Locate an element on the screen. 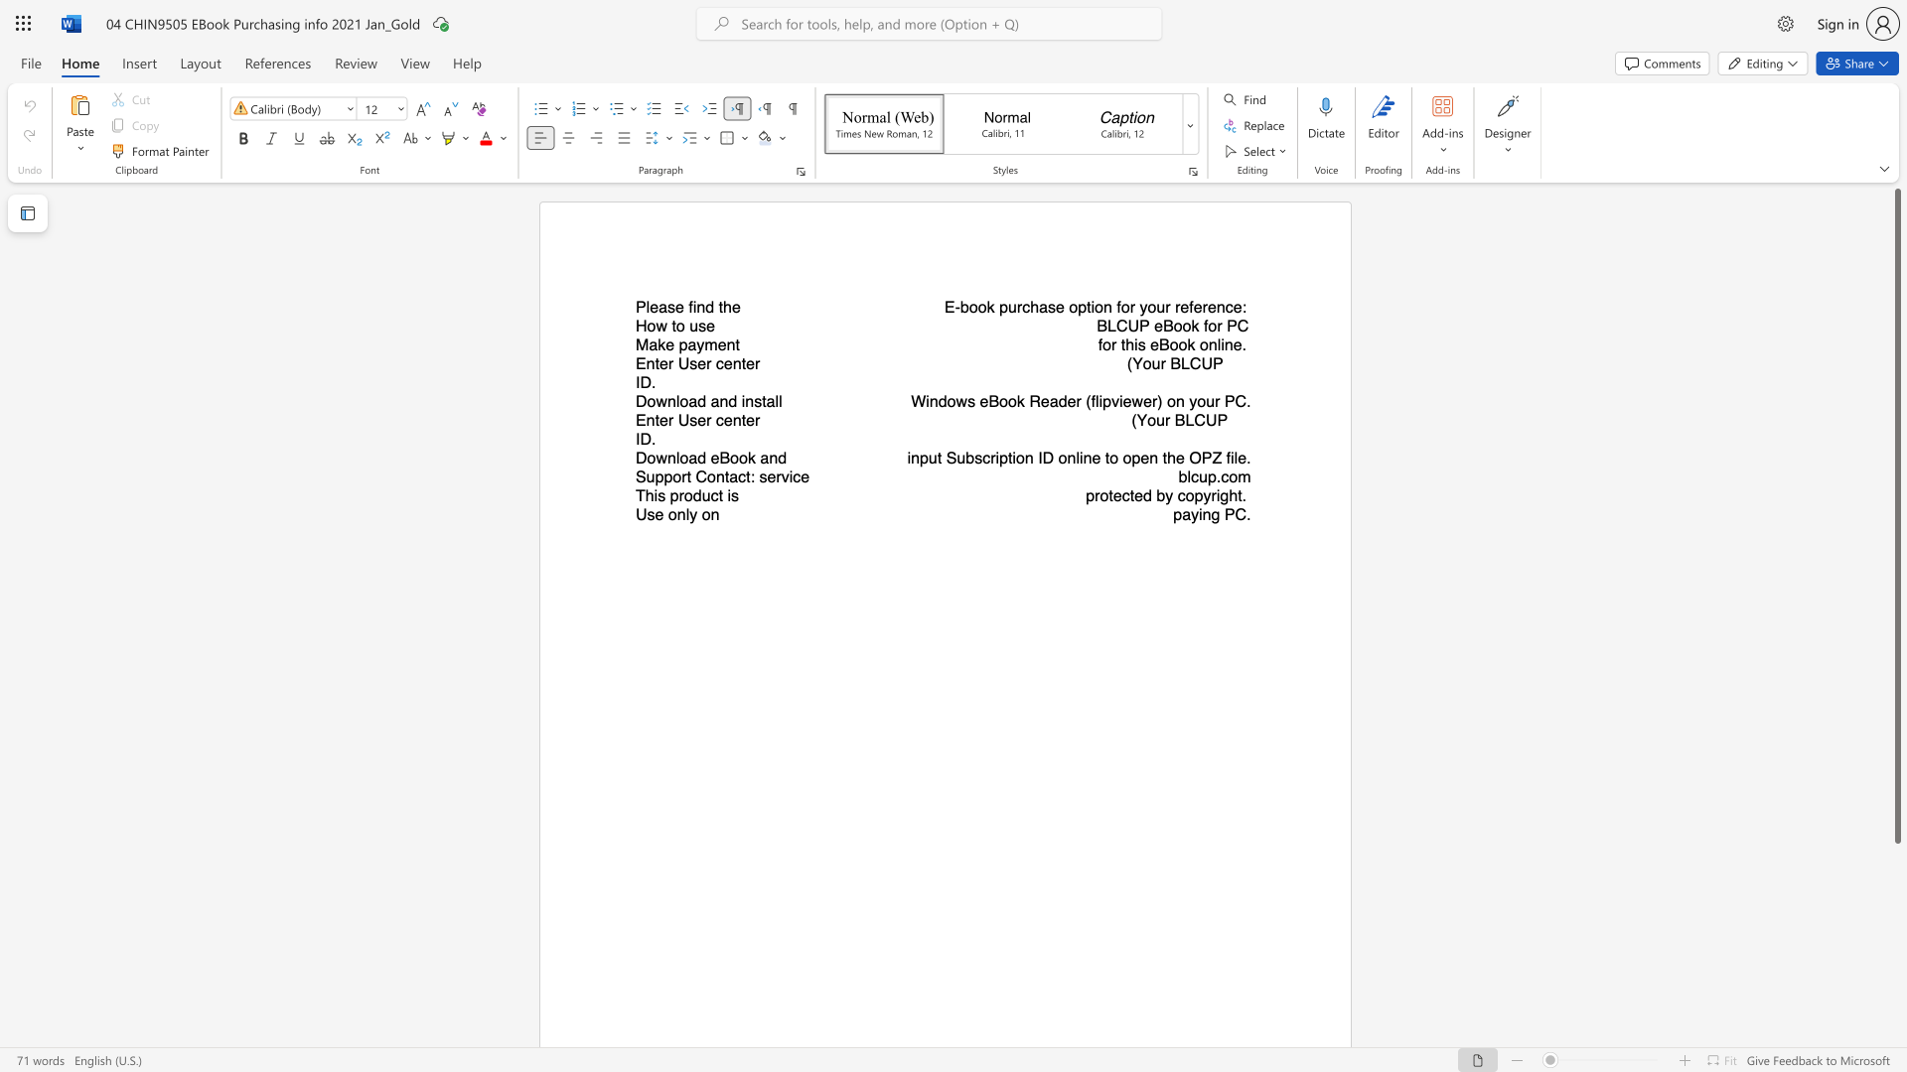 The width and height of the screenshot is (1907, 1072). the subset text "CUP ID" within the text "(Your BLCUP ID." is located at coordinates (1189, 363).